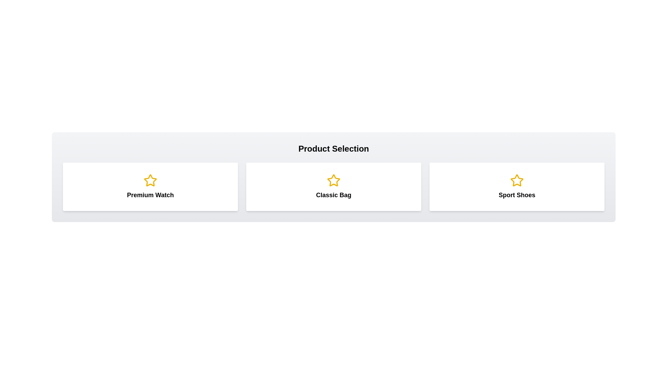  Describe the element at coordinates (333, 180) in the screenshot. I see `the star-shaped icon with a yellow outline located at the top-center of the 'Classic Bag' card` at that location.